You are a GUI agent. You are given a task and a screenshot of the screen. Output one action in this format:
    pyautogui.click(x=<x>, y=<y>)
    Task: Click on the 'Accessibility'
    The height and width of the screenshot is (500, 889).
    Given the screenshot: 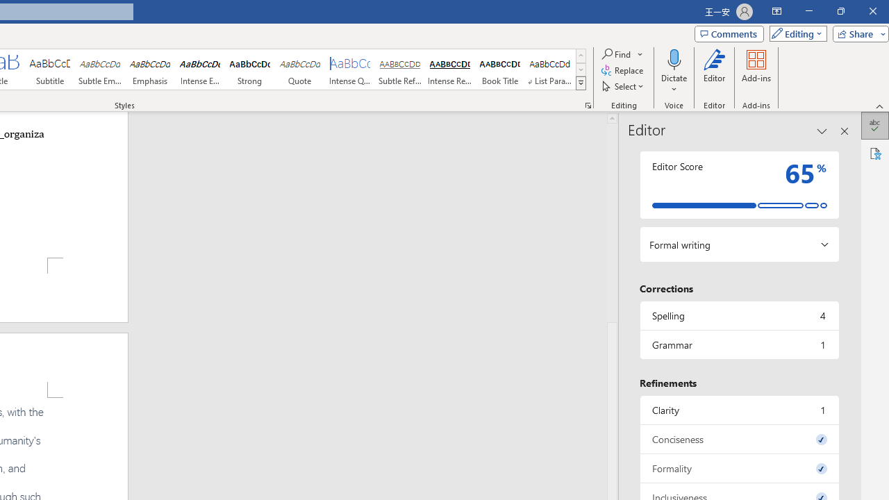 What is the action you would take?
    pyautogui.click(x=874, y=153)
    